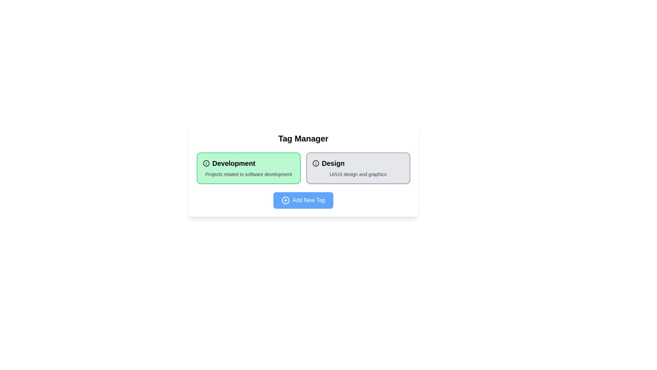  Describe the element at coordinates (248, 174) in the screenshot. I see `the descriptive text label that provides additional context for the 'Development' label, located centrally in the green box labeled 'Development'` at that location.